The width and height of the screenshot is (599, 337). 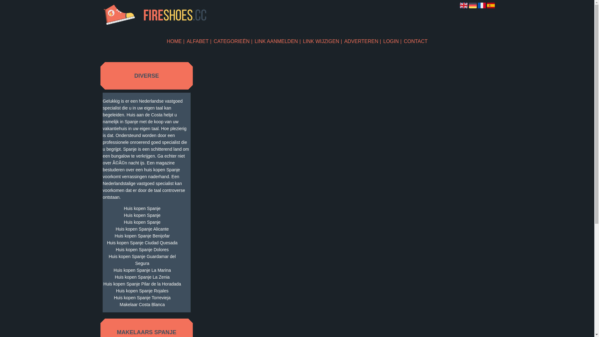 I want to click on 'LOGIN', so click(x=392, y=41).